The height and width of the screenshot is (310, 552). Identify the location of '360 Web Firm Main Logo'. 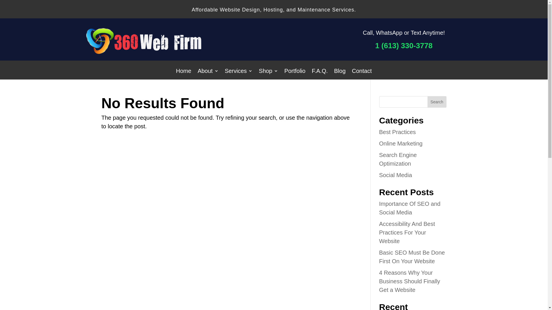
(86, 52).